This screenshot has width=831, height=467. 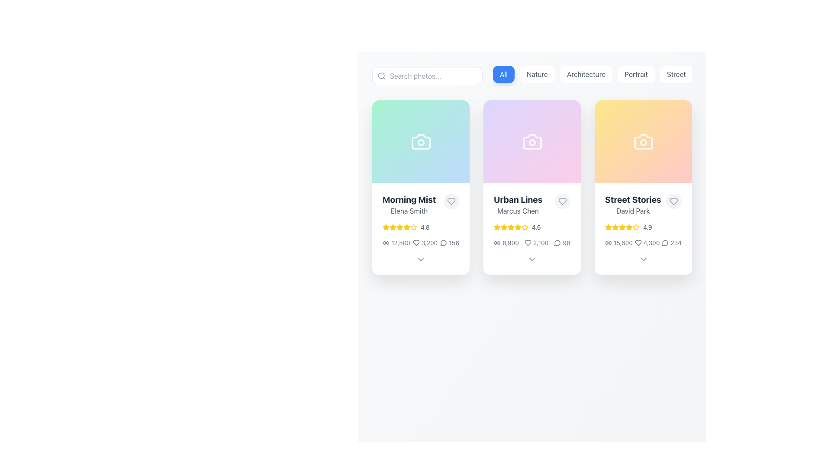 I want to click on first star icon in the 5-star rating system for the 'Street Stories' element, located under the title and above the 4.9 rating, so click(x=608, y=227).